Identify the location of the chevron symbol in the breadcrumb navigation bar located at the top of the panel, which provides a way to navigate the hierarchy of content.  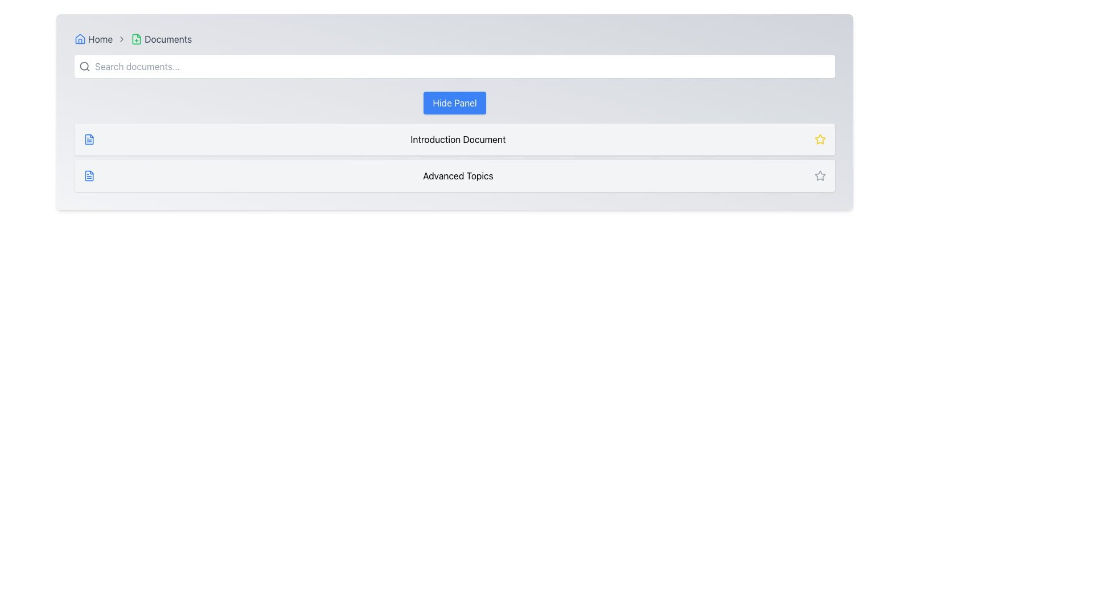
(454, 39).